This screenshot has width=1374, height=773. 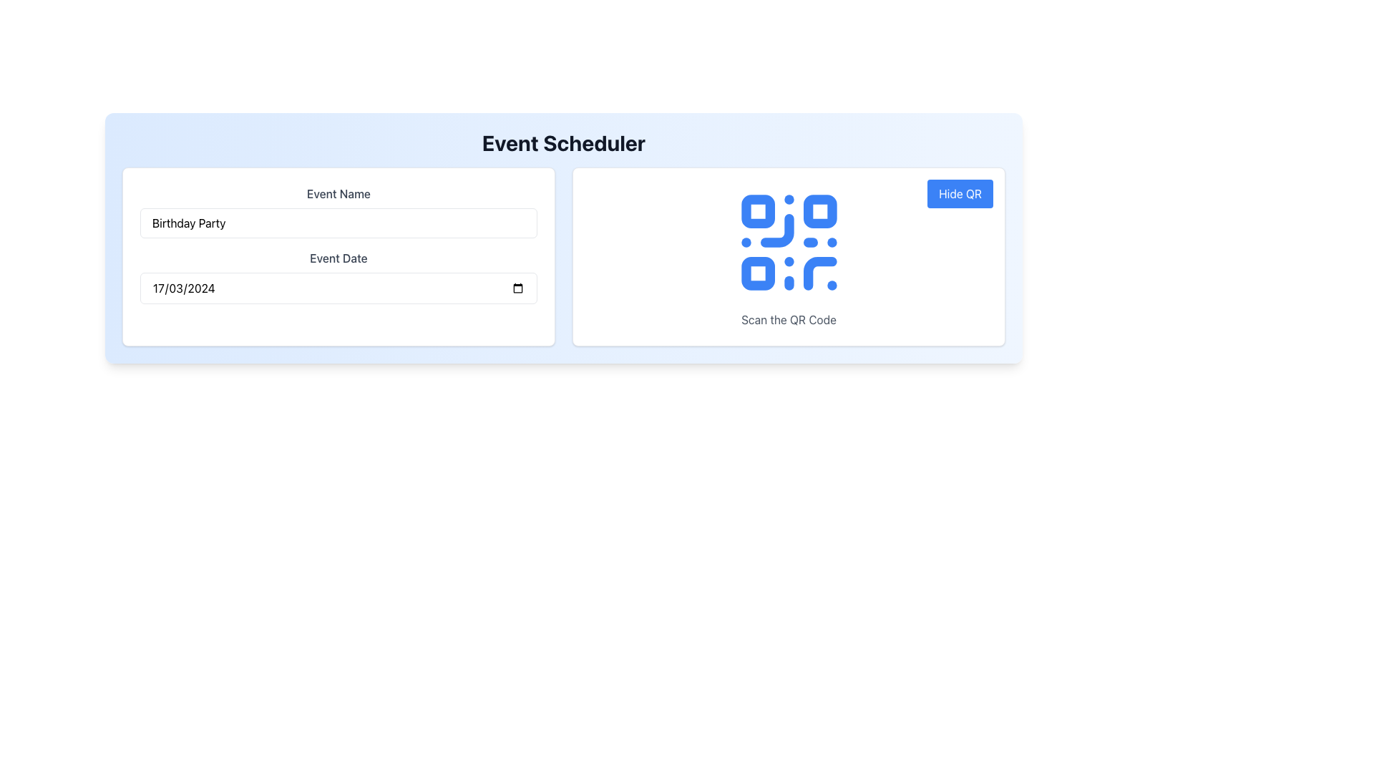 I want to click on the QR code icon, which is a blue, modern-styled icon centered above the text 'Scan the QR Code', so click(x=788, y=242).